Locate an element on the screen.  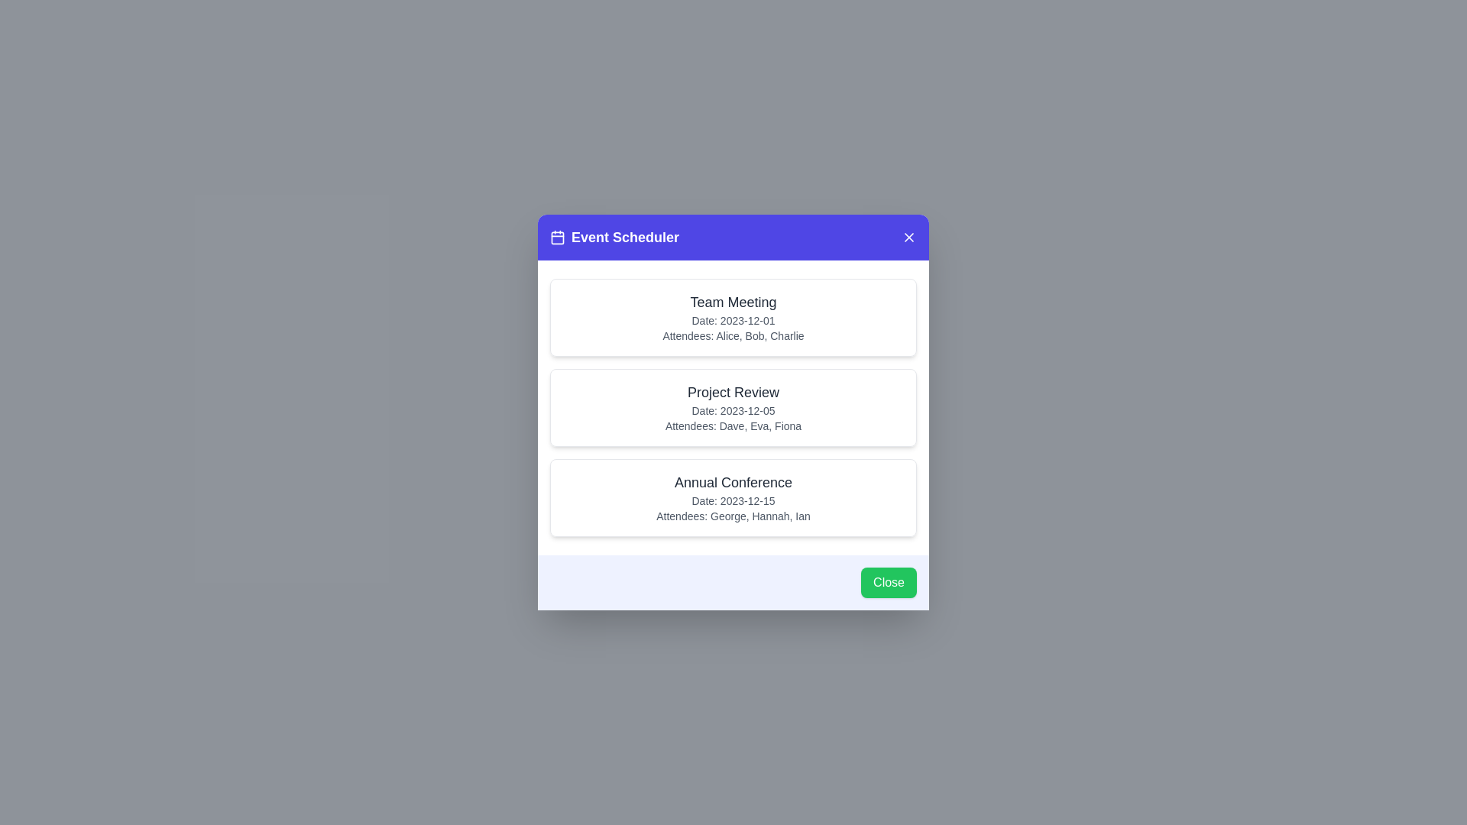
the event card titled 'Project Review' to view its details is located at coordinates (733, 406).